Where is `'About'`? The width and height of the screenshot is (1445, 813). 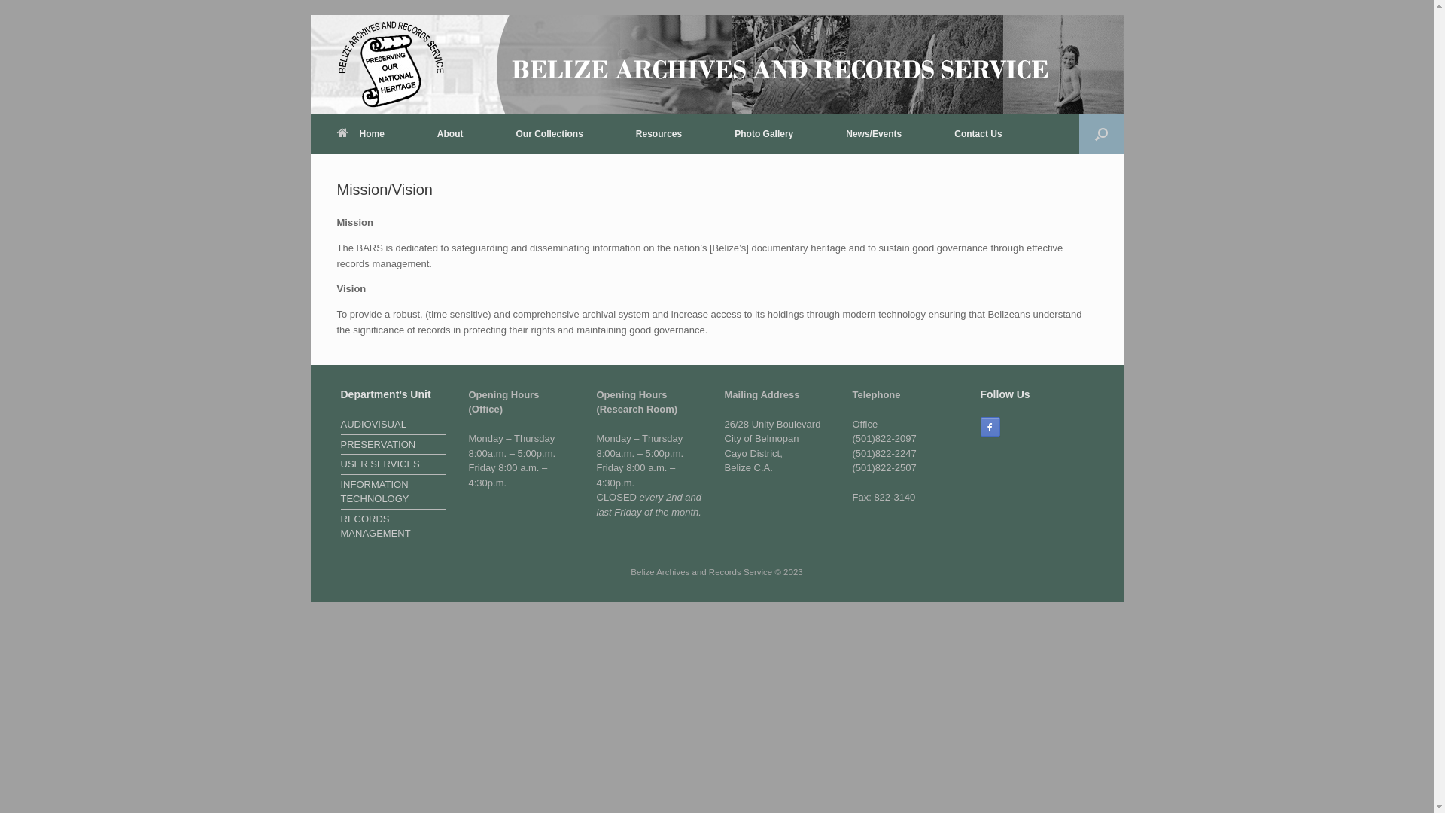 'About' is located at coordinates (449, 132).